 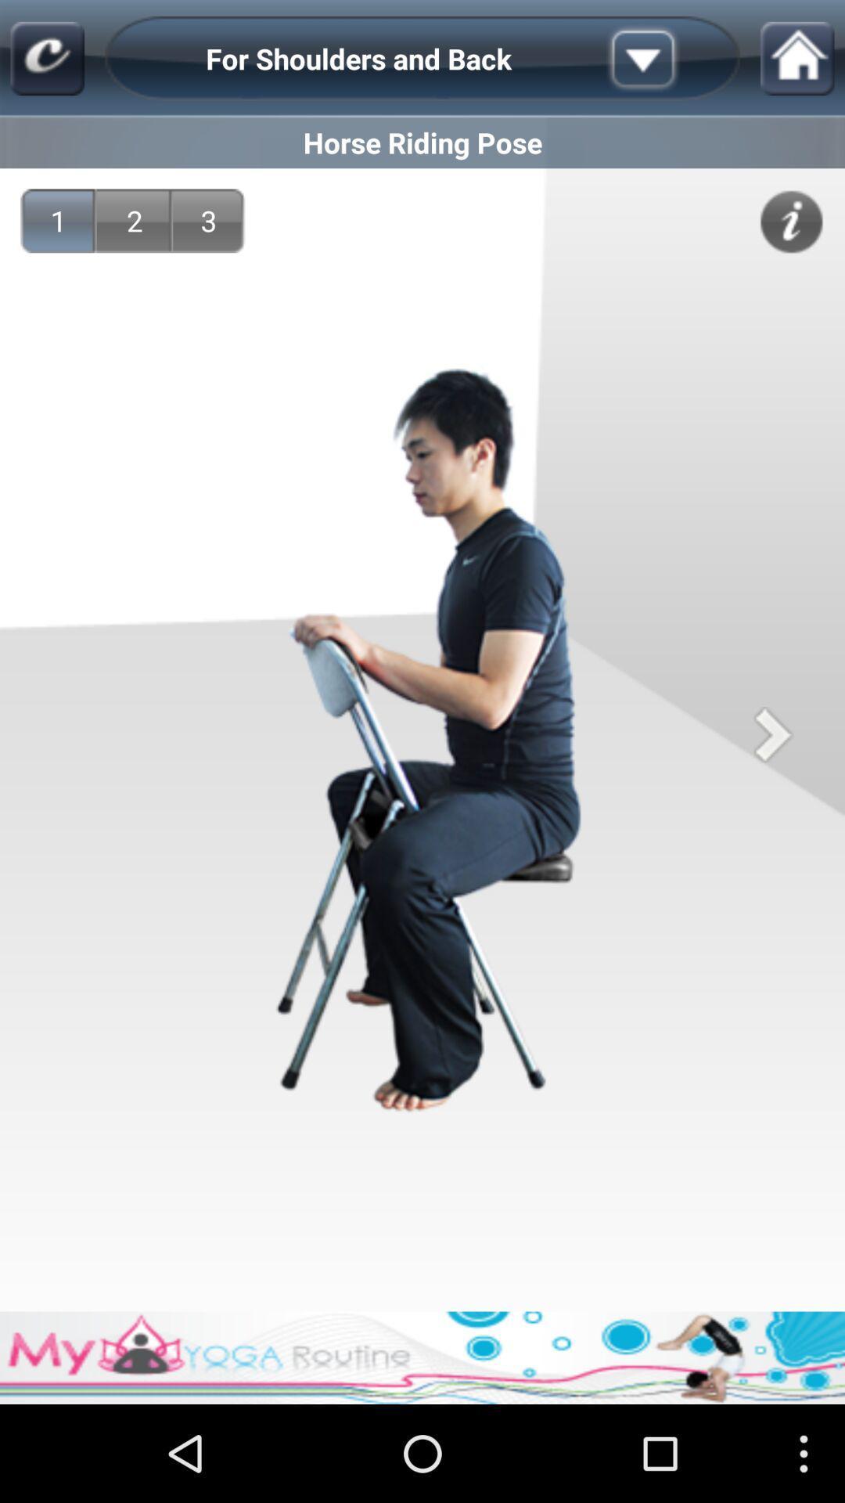 What do you see at coordinates (667, 59) in the screenshot?
I see `more options` at bounding box center [667, 59].